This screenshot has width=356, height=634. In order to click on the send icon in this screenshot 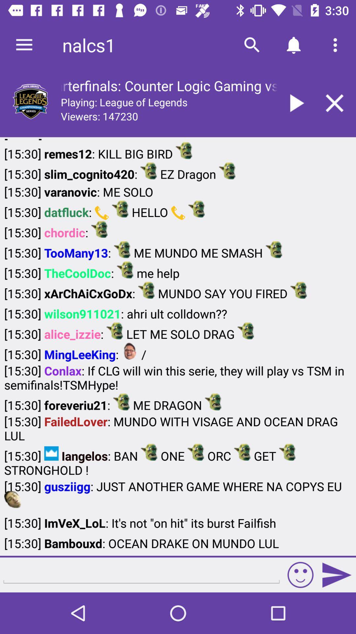, I will do `click(337, 575)`.